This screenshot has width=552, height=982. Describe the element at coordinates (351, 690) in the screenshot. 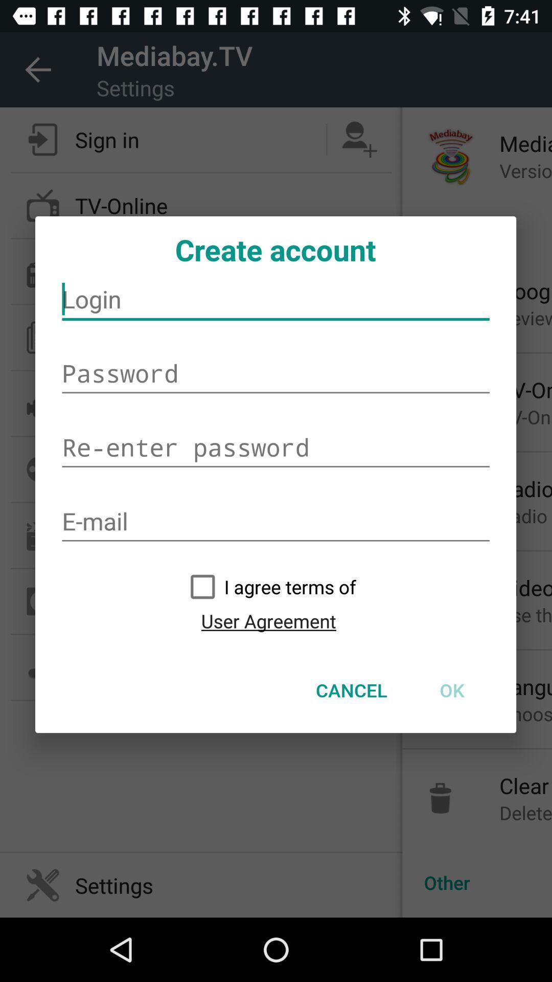

I see `cancel icon` at that location.